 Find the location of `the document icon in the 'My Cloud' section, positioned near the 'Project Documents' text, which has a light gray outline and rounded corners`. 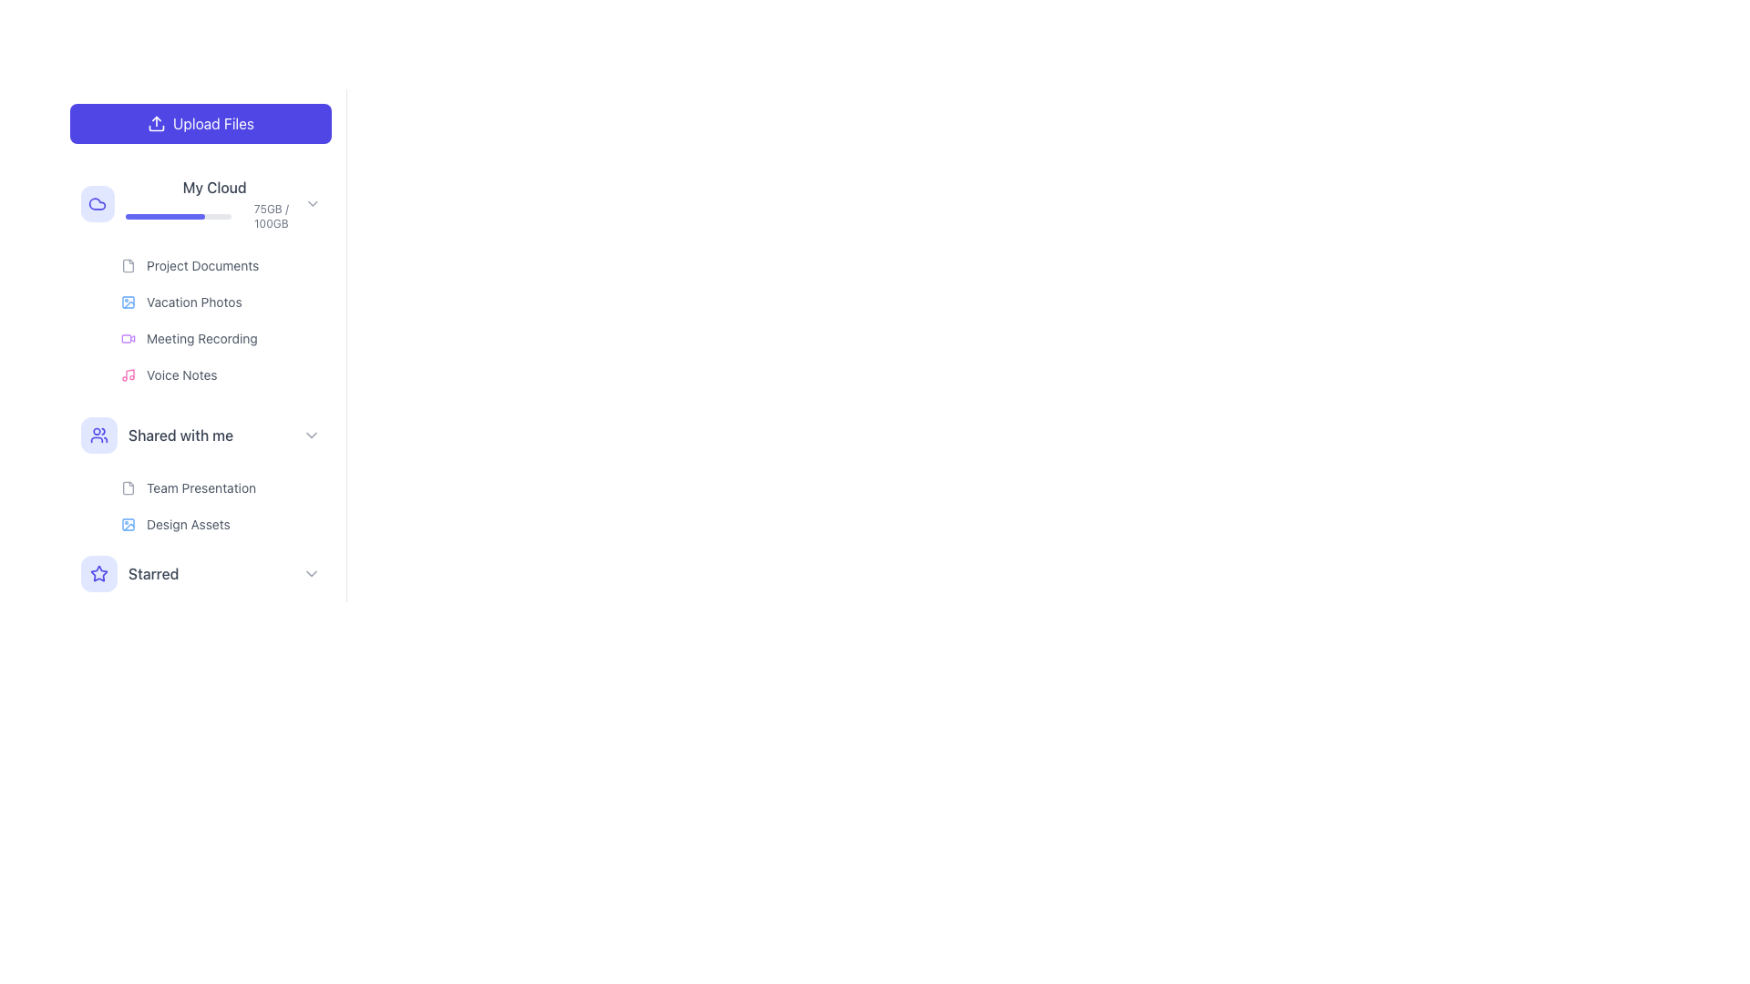

the document icon in the 'My Cloud' section, positioned near the 'Project Documents' text, which has a light gray outline and rounded corners is located at coordinates (127, 266).